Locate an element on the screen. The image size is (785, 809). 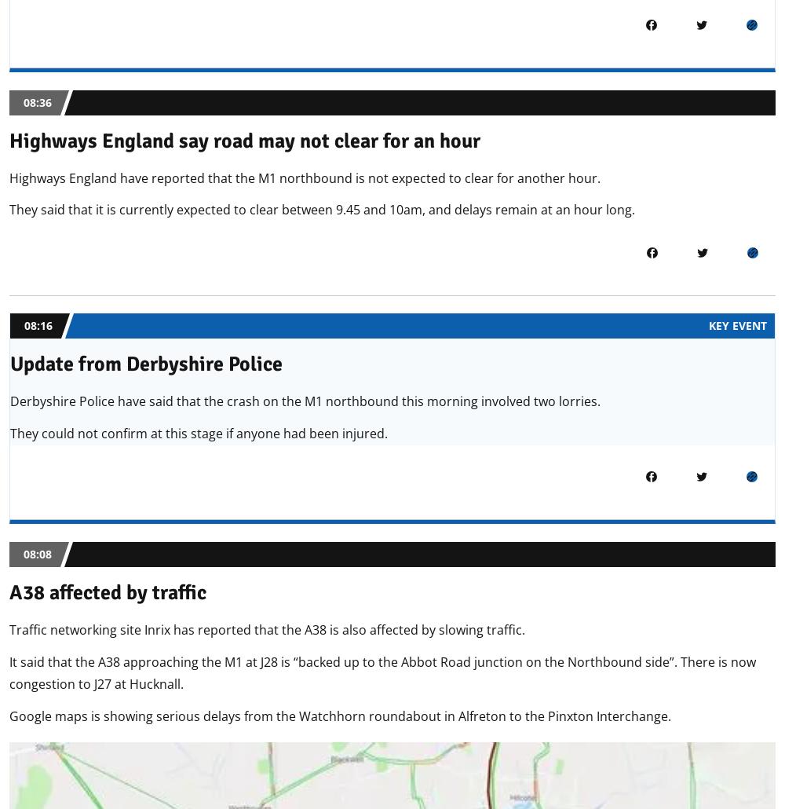
'08:16' is located at coordinates (38, 325).